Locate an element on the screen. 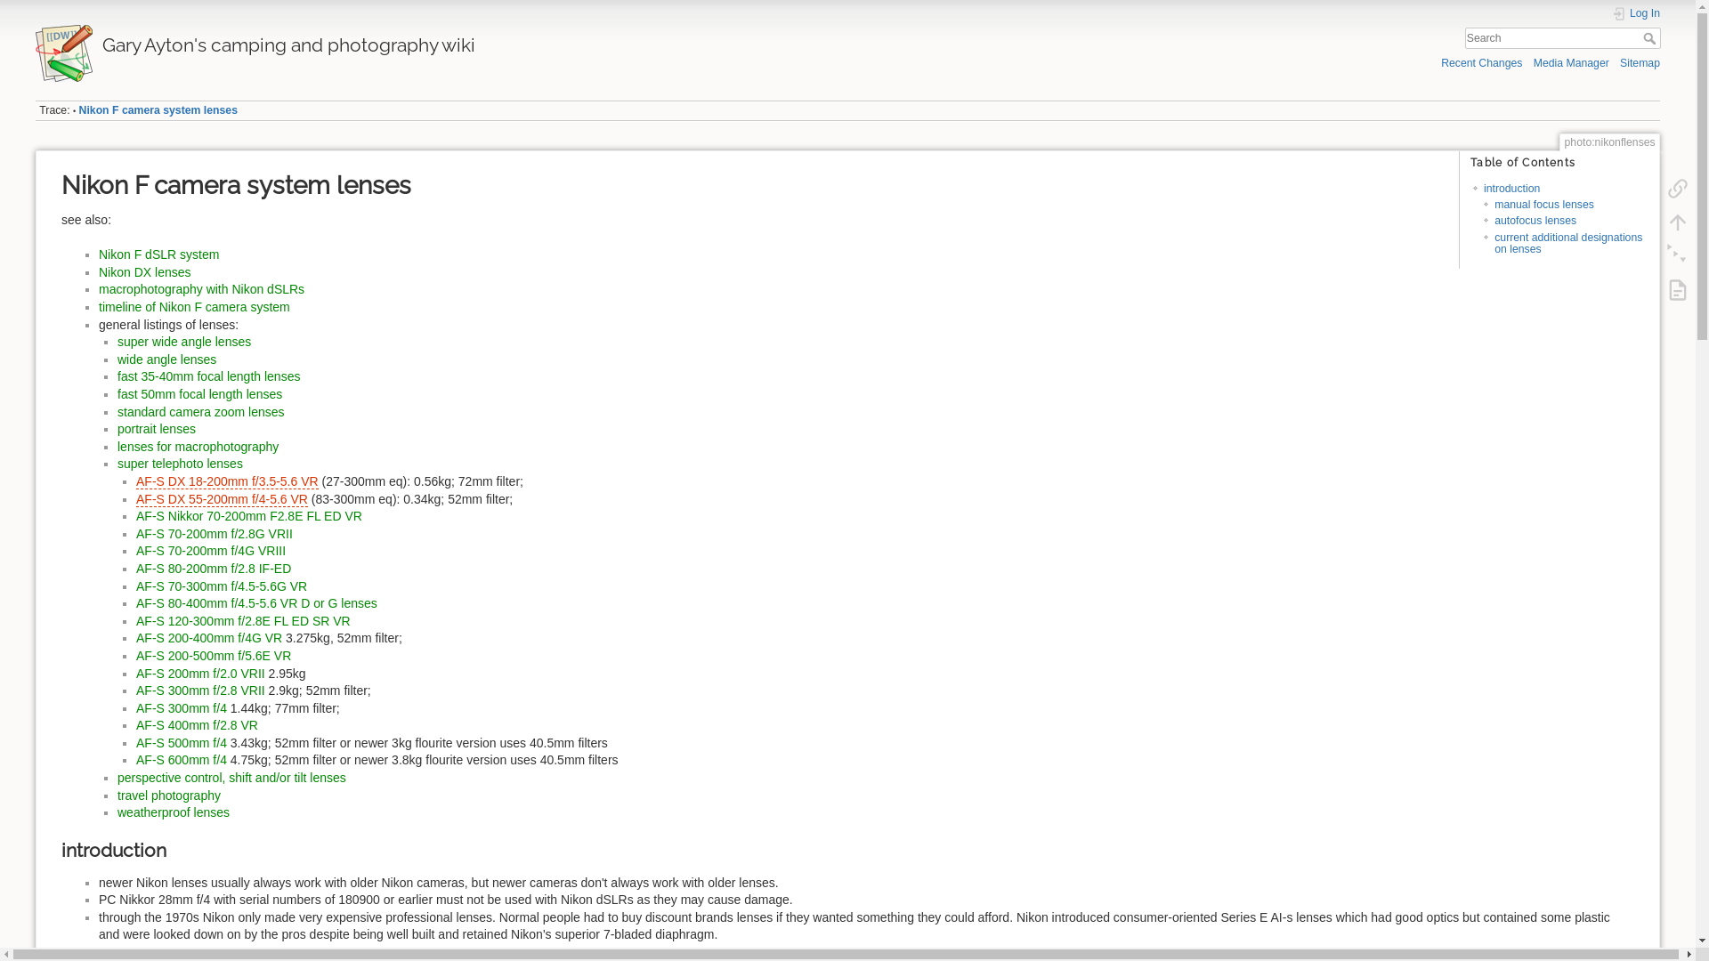  'lenses for macrophotography' is located at coordinates (198, 445).